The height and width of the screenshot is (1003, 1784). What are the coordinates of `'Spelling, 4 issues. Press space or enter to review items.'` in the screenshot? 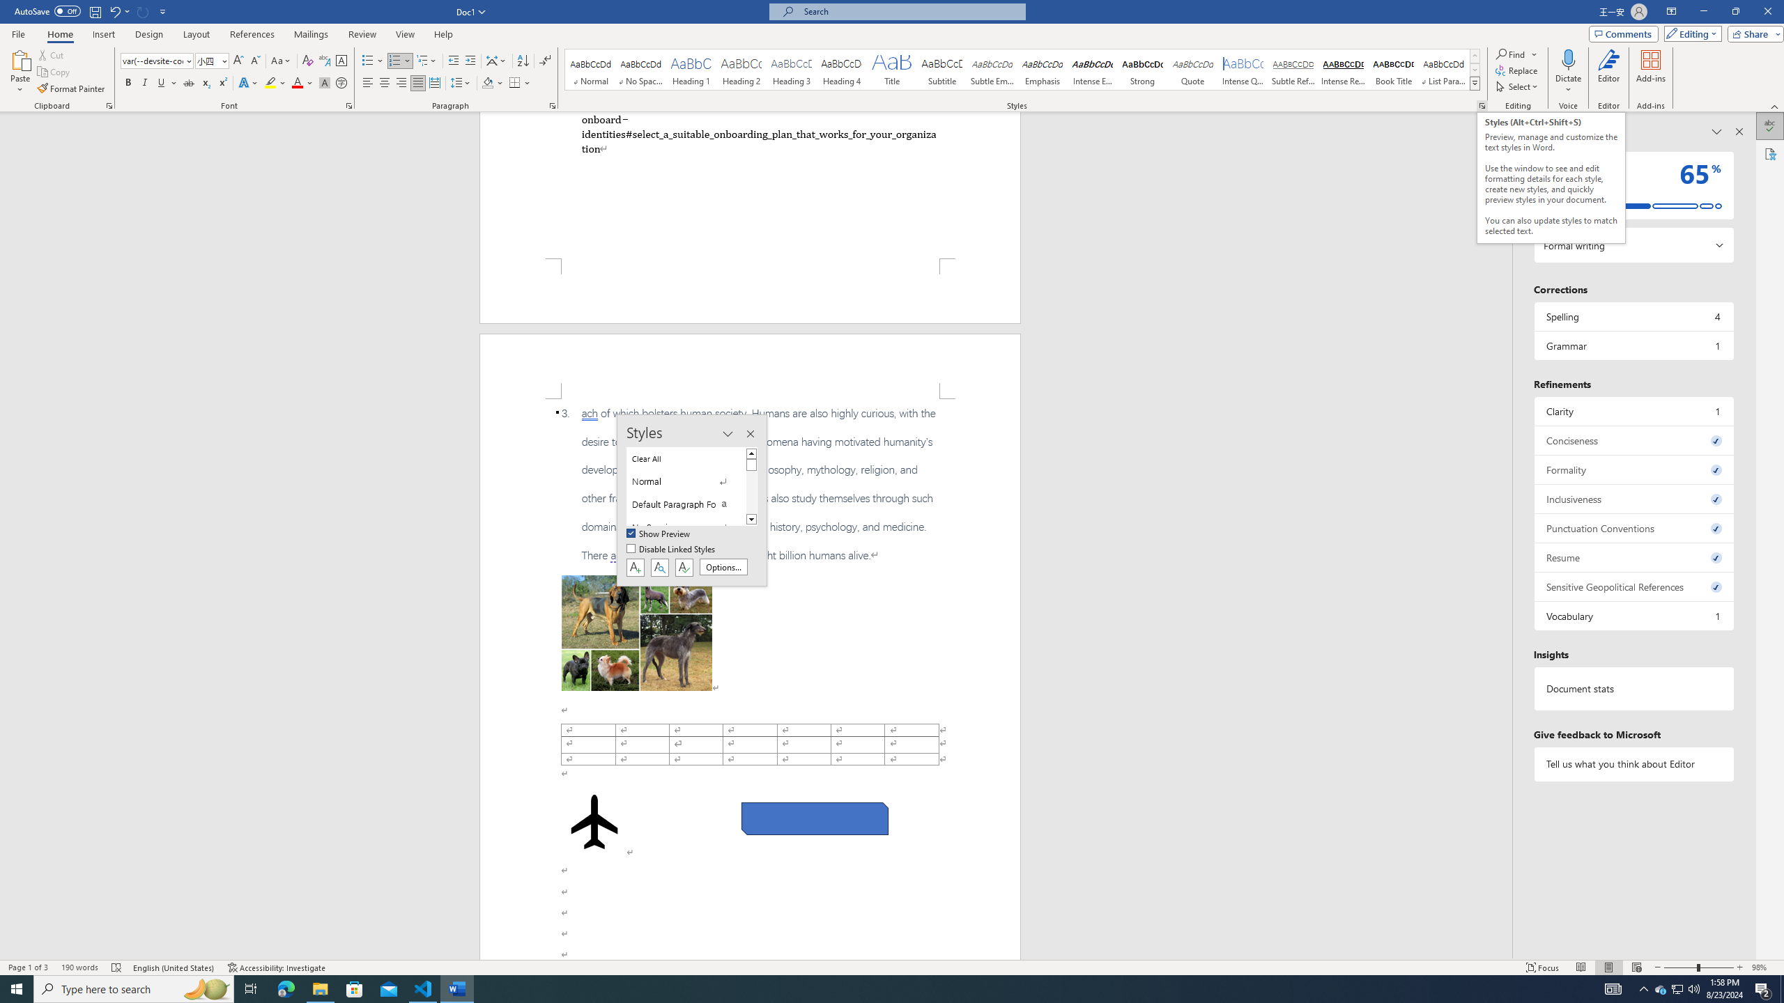 It's located at (1633, 316).